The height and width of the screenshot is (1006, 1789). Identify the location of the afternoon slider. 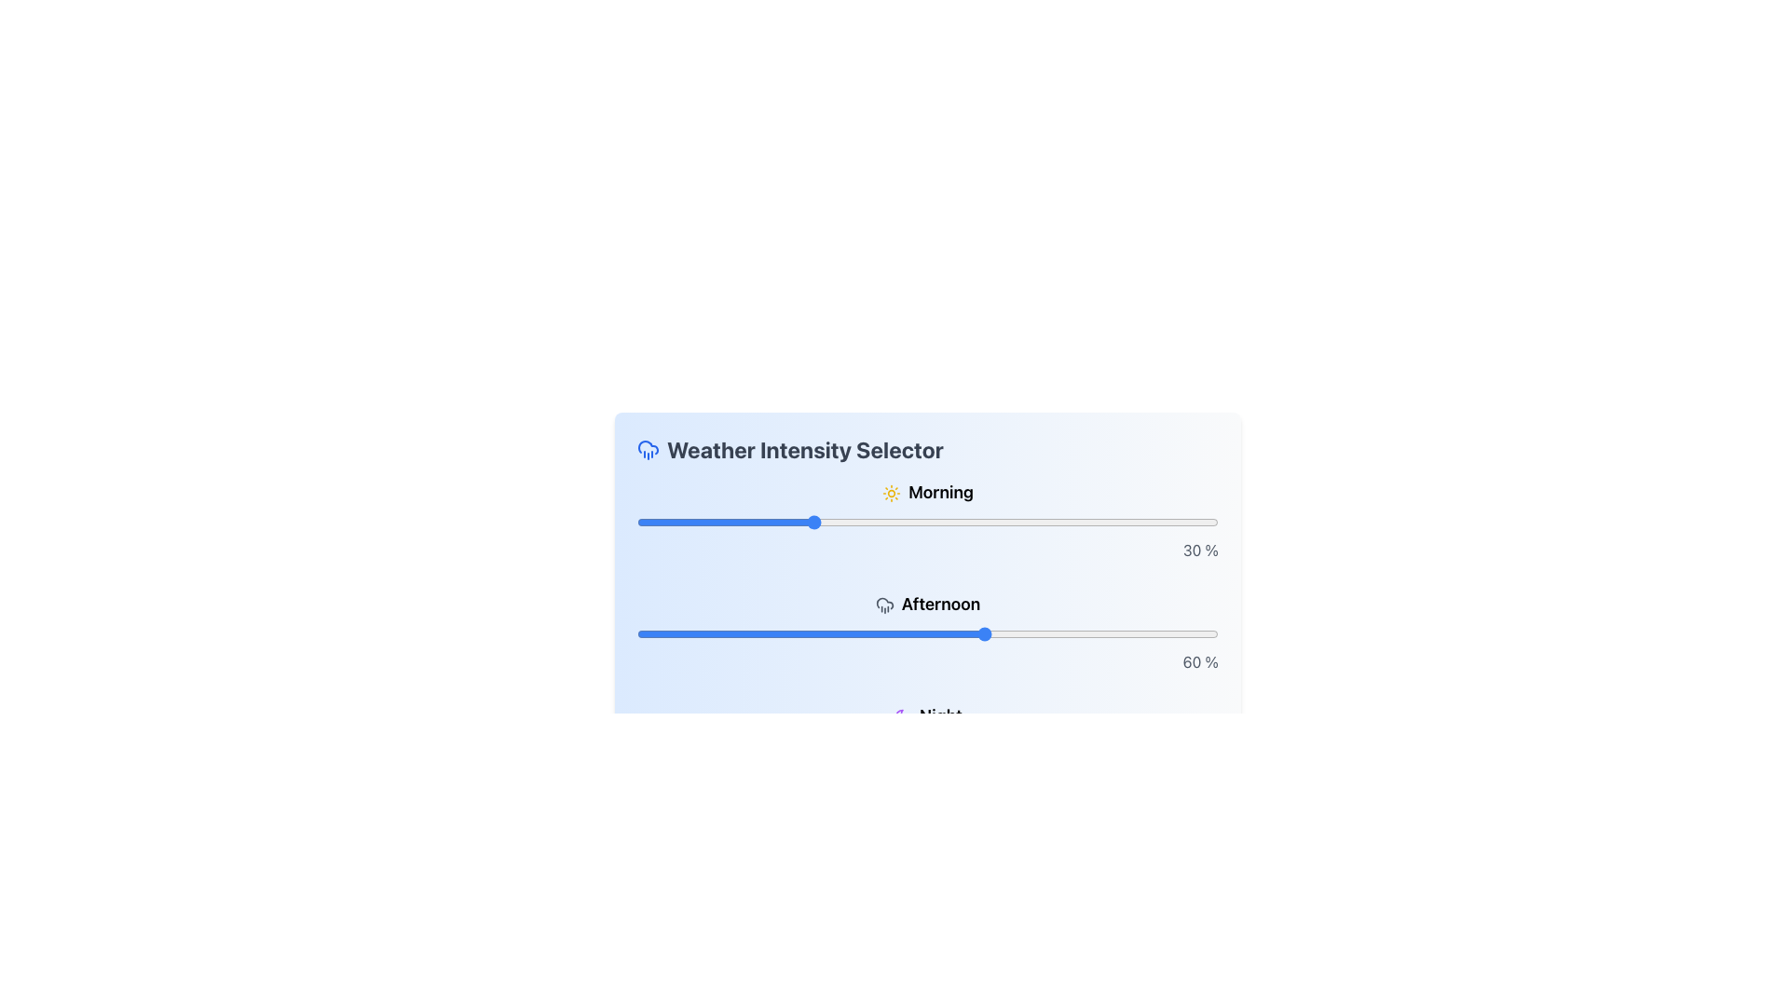
(1026, 633).